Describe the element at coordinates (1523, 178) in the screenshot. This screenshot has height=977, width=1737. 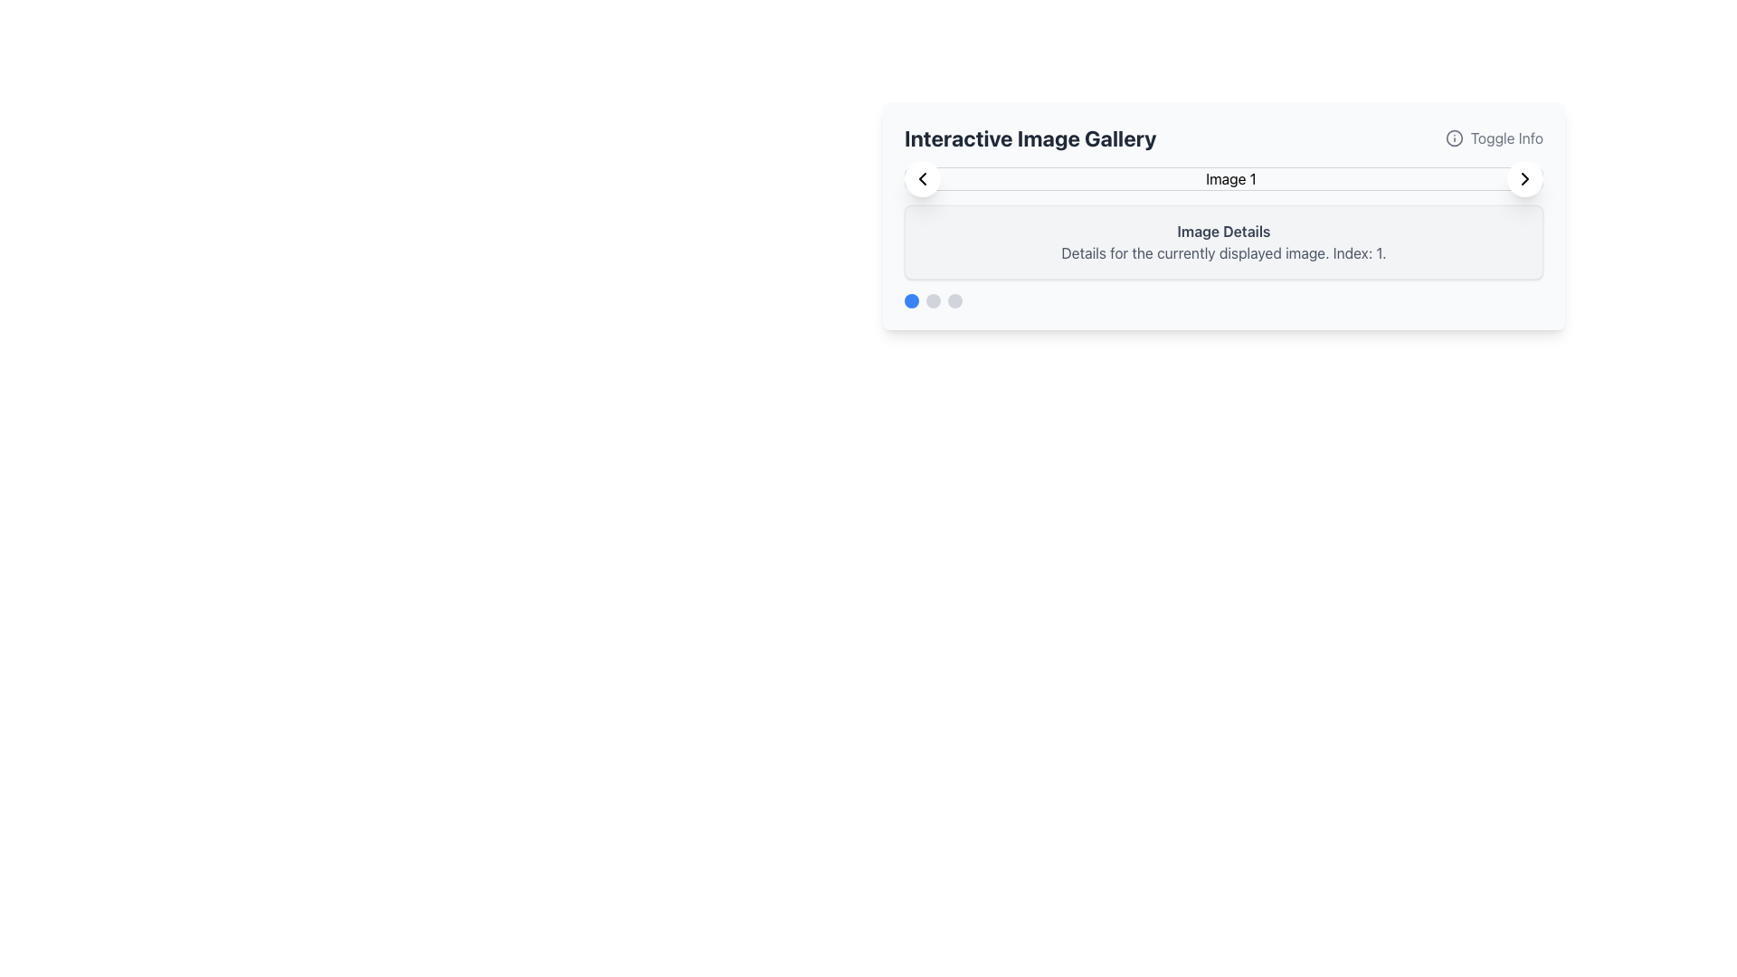
I see `the chevron arrow icon located at the far-right of the 'Interactive Image Gallery' panel` at that location.